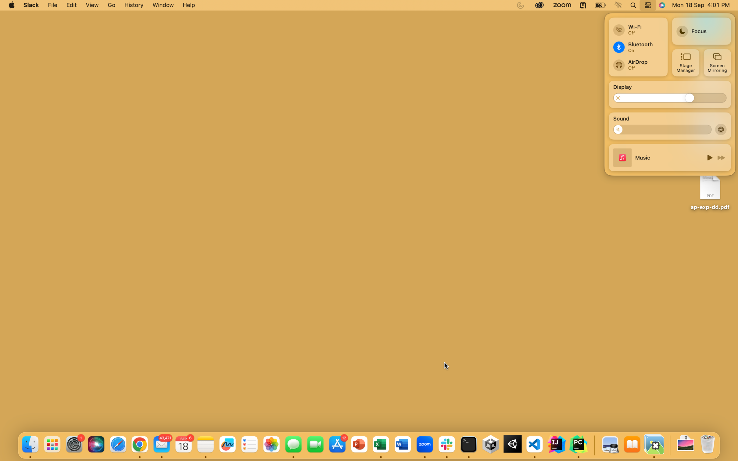 The width and height of the screenshot is (738, 461). What do you see at coordinates (621, 129) in the screenshot?
I see `the sound level` at bounding box center [621, 129].